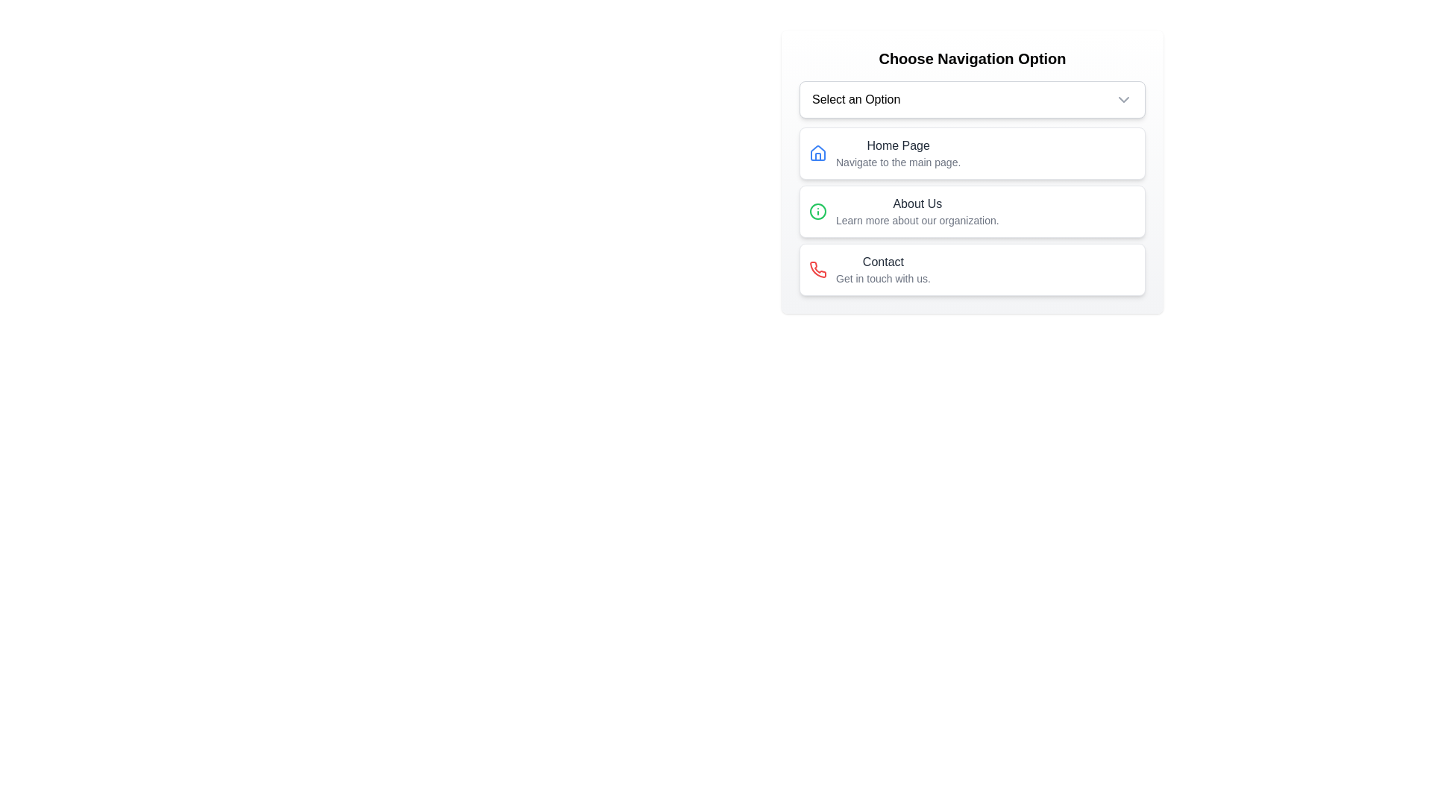  What do you see at coordinates (817, 269) in the screenshot?
I see `the contact functionality icon, which is the third item in the vertical navigation list, located between 'About Us' and 'Contact' on the bottom right of the modal` at bounding box center [817, 269].